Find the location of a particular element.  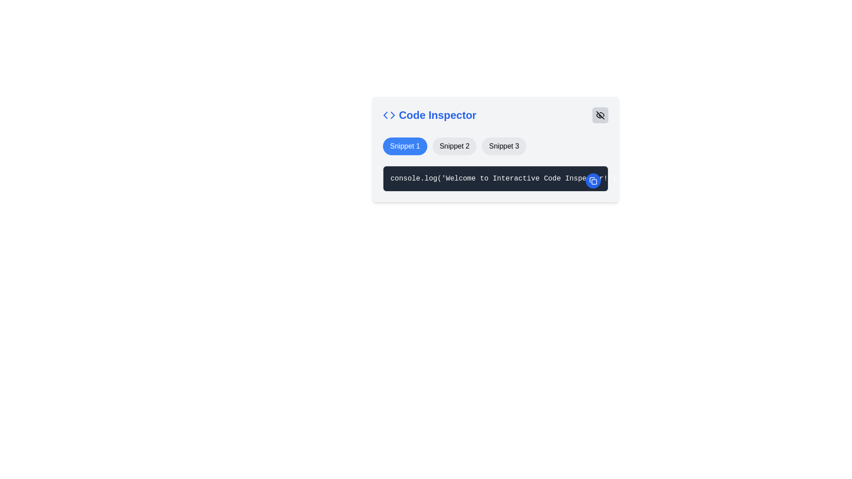

the copy action icon, which is represented by overlapping squares, located centrally within a circular blue button at the top-right corner of the code snippet viewer is located at coordinates (593, 181).